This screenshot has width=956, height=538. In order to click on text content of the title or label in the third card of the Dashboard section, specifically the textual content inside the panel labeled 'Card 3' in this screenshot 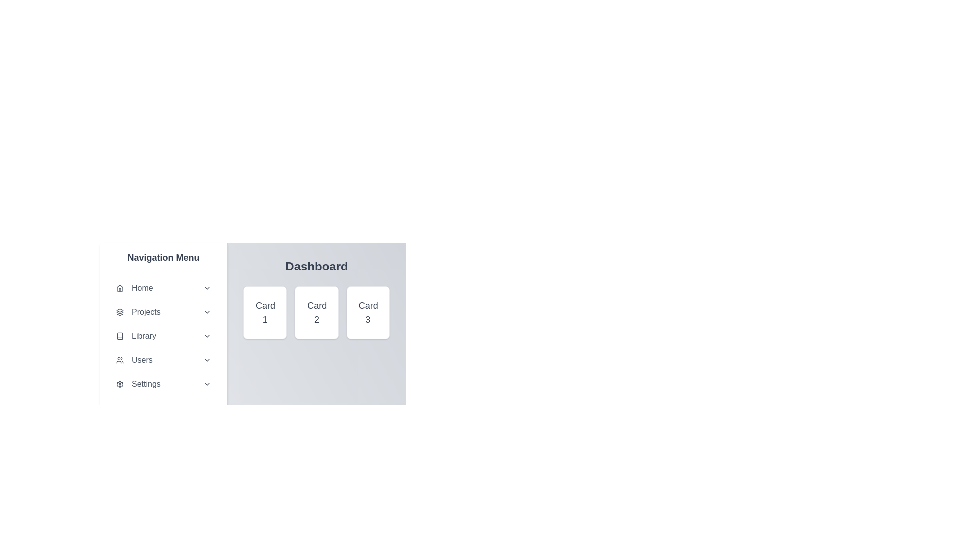, I will do `click(367, 312)`.